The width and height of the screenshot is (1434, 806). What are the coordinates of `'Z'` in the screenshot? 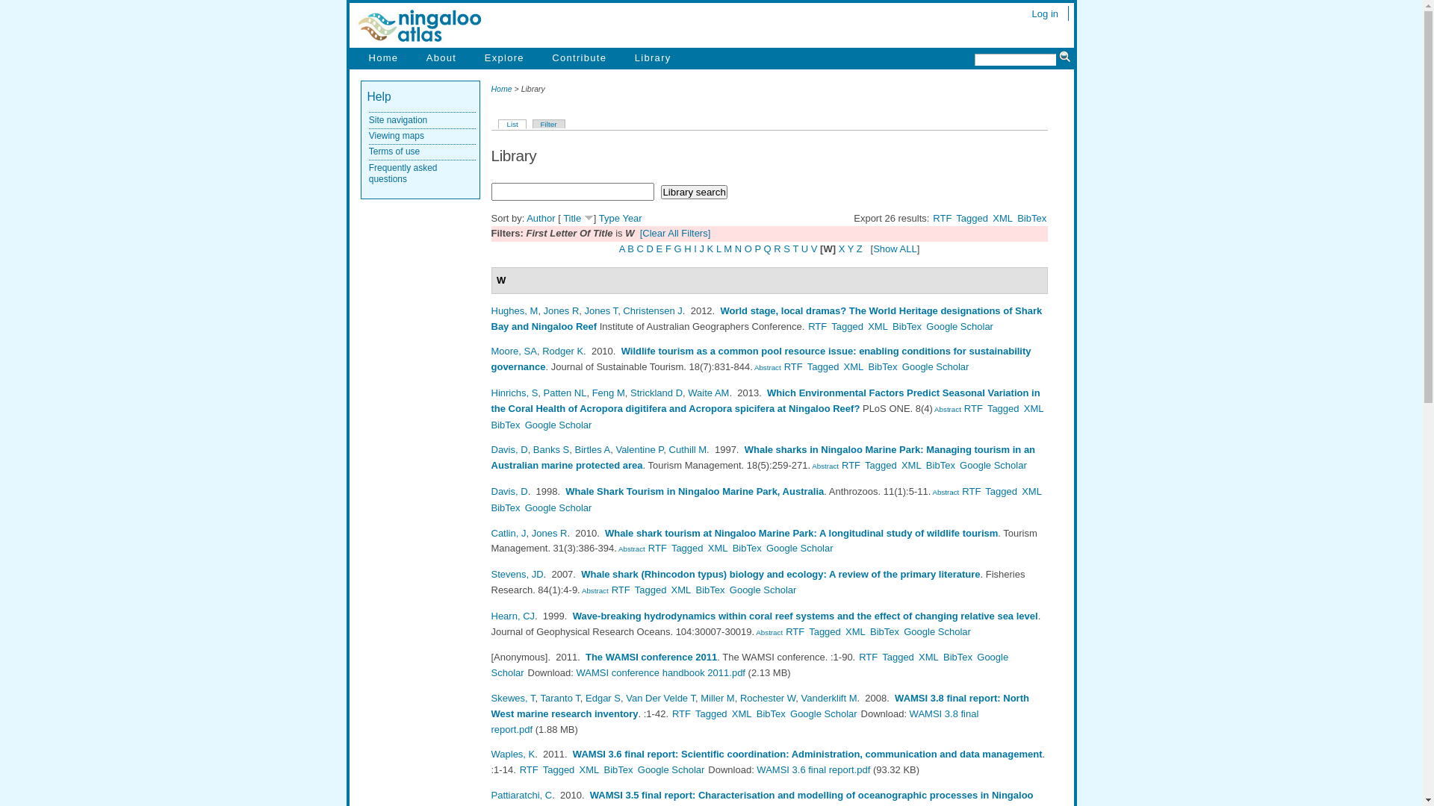 It's located at (860, 248).